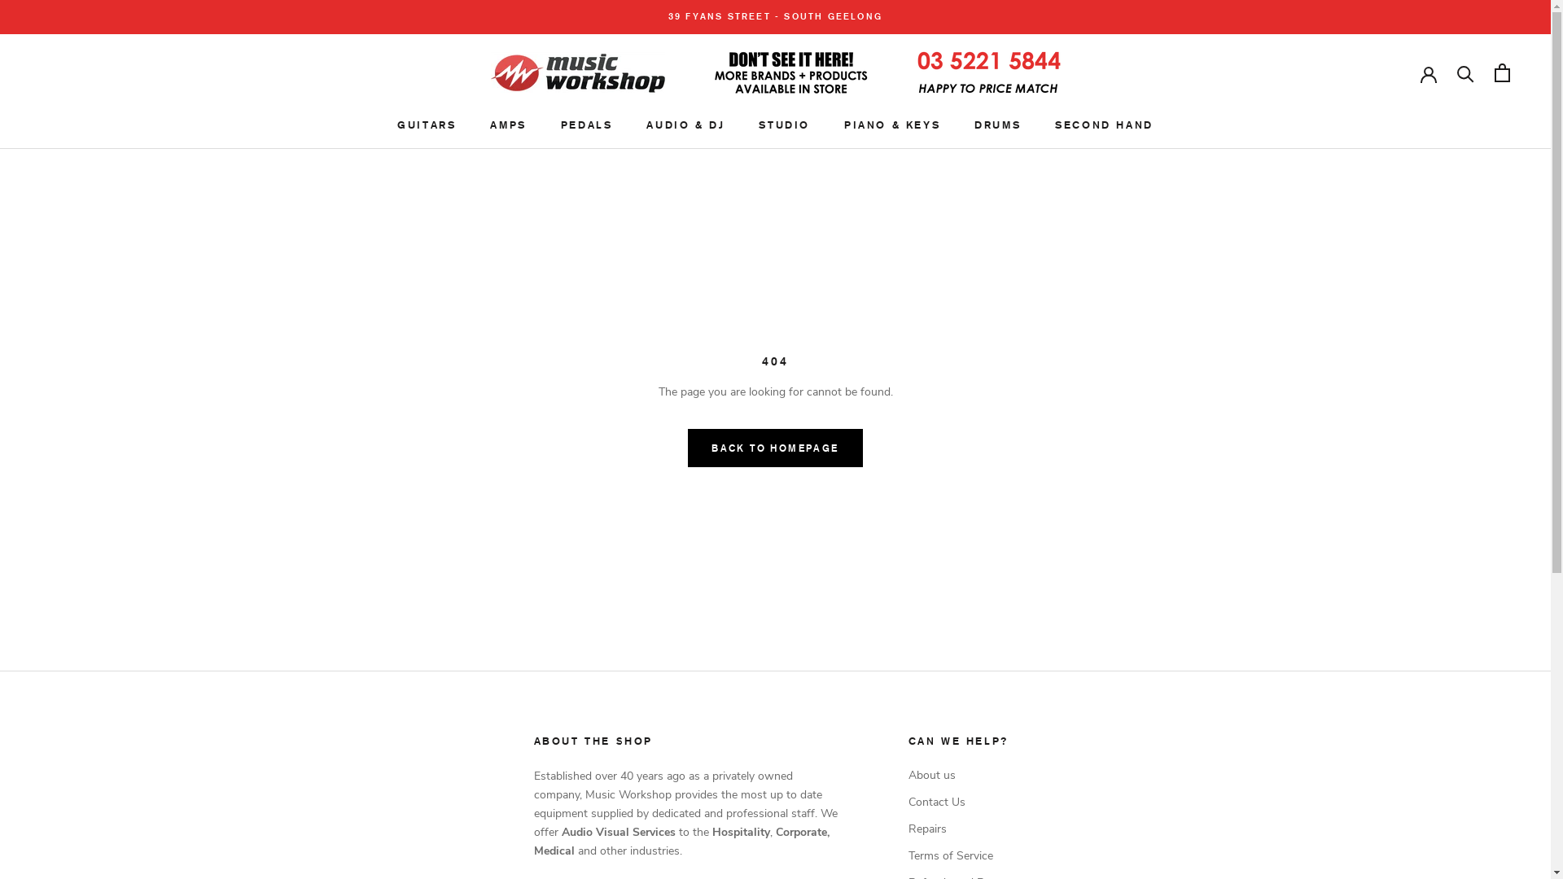  Describe the element at coordinates (586, 124) in the screenshot. I see `'PEDALS'` at that location.